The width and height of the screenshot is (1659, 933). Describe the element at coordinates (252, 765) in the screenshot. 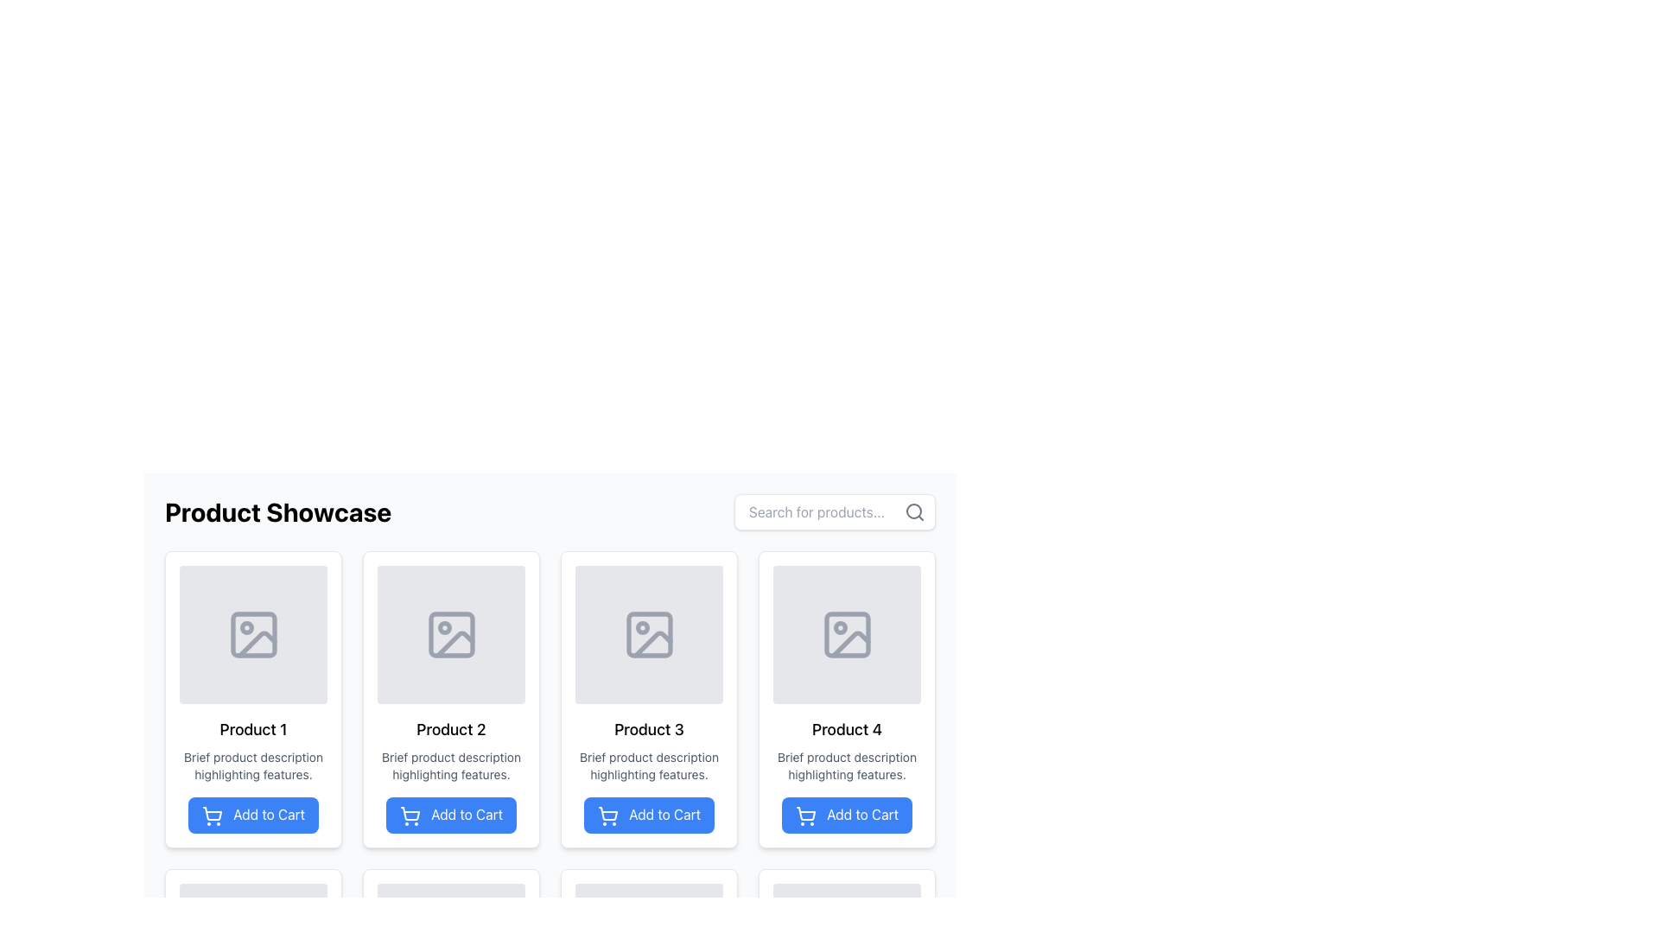

I see `the second textual block displaying the product description for 'Product 1'` at that location.